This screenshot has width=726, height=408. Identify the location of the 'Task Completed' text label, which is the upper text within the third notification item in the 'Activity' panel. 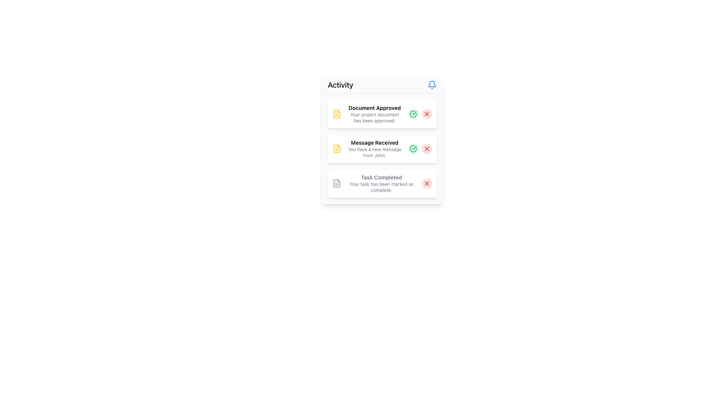
(381, 178).